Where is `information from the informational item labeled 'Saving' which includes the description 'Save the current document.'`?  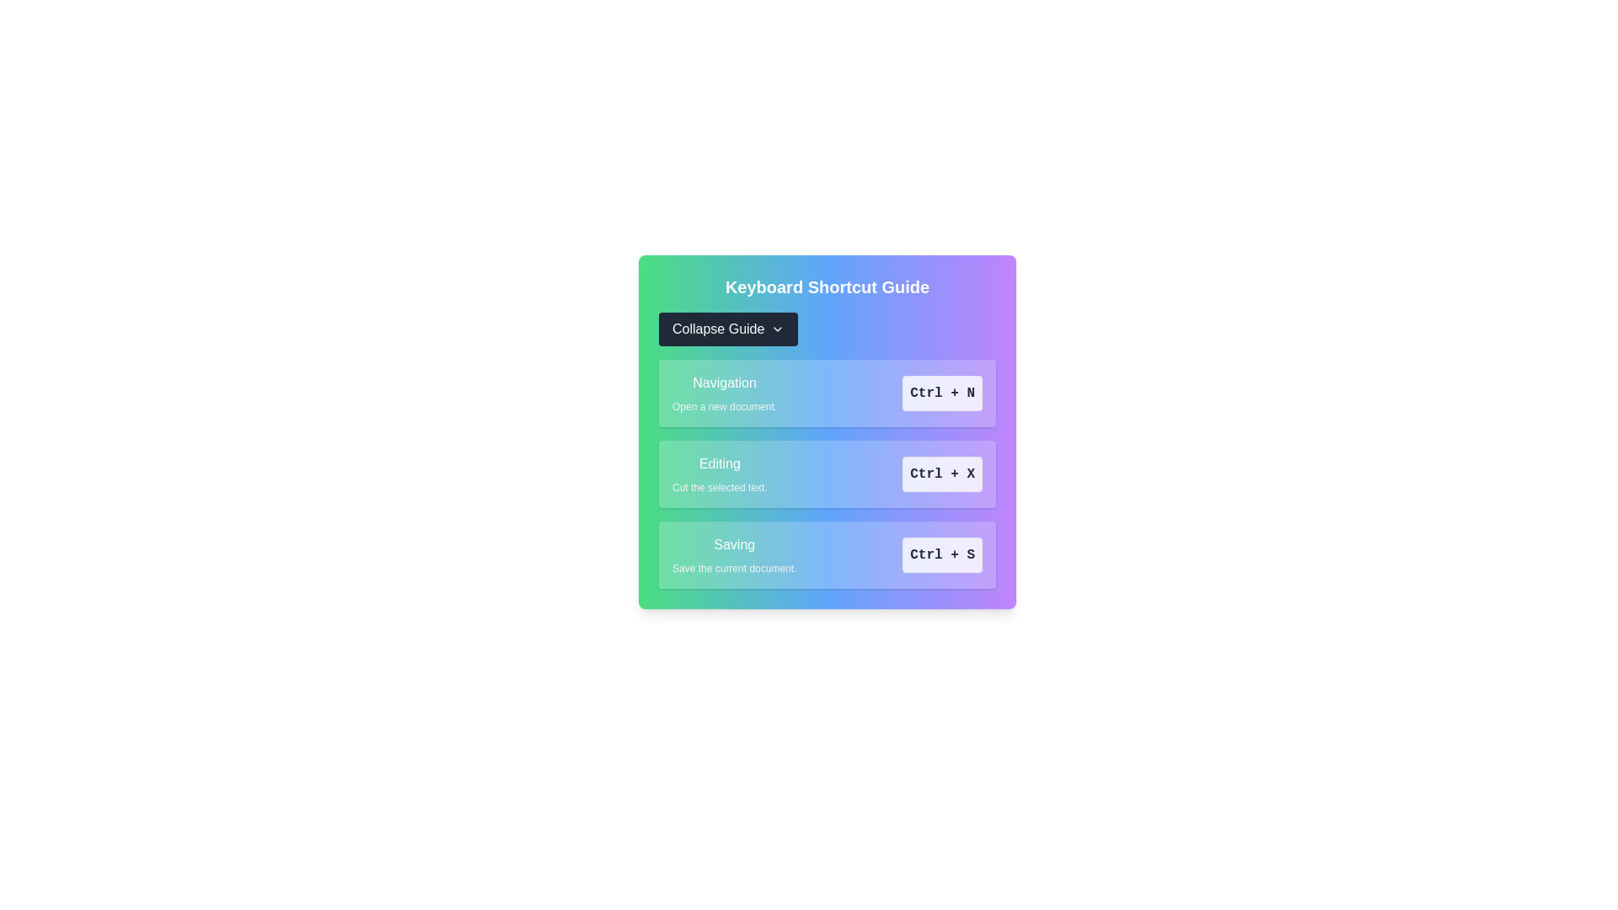 information from the informational item labeled 'Saving' which includes the description 'Save the current document.' is located at coordinates (828, 555).